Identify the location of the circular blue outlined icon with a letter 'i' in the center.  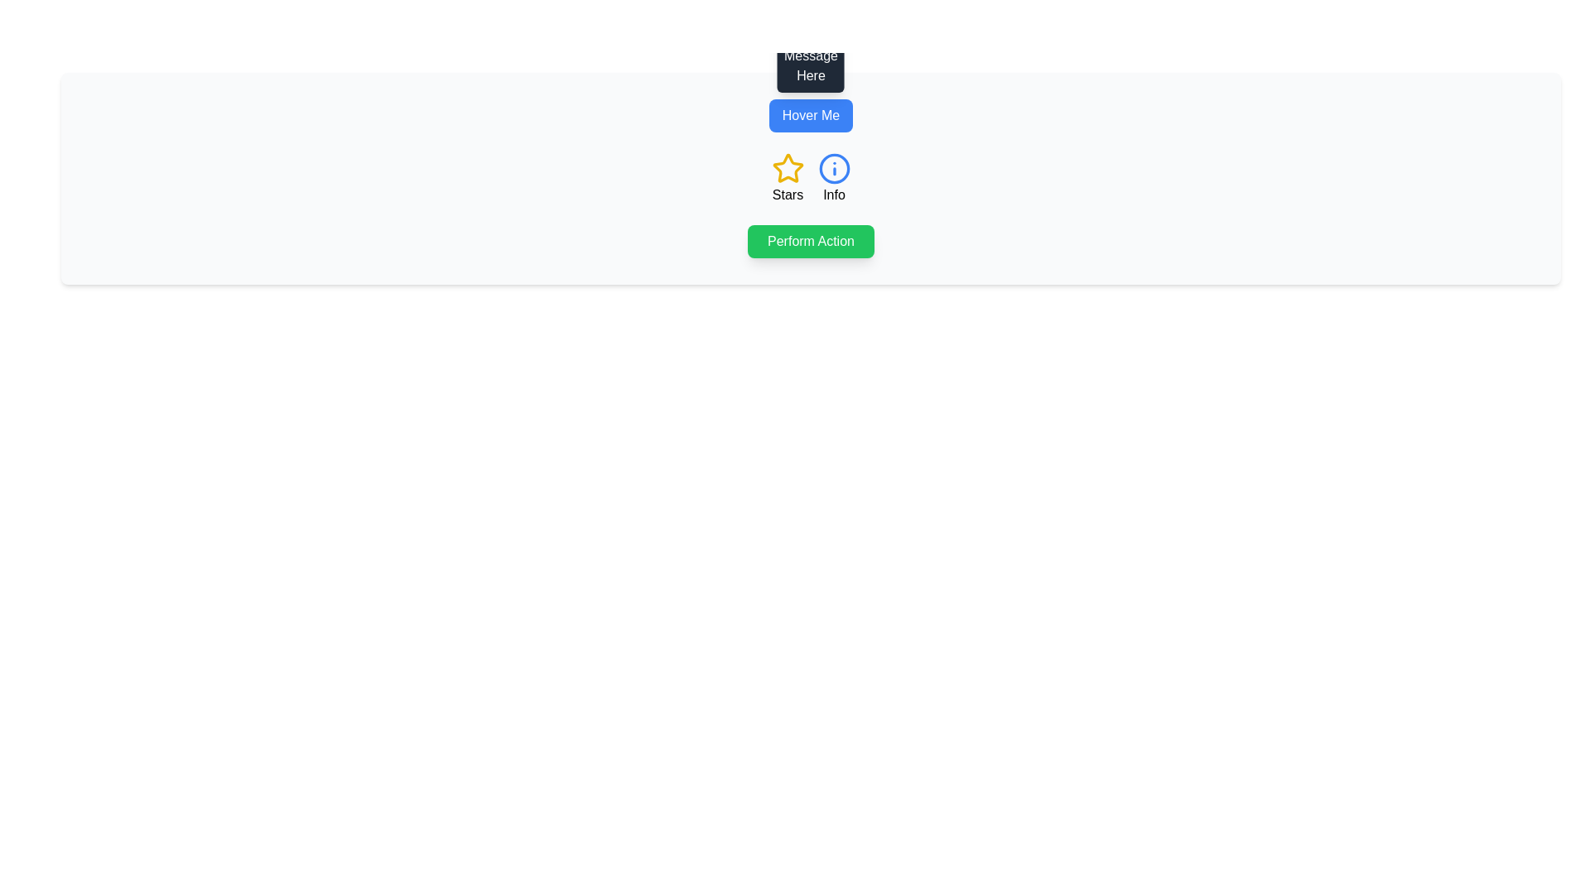
(834, 169).